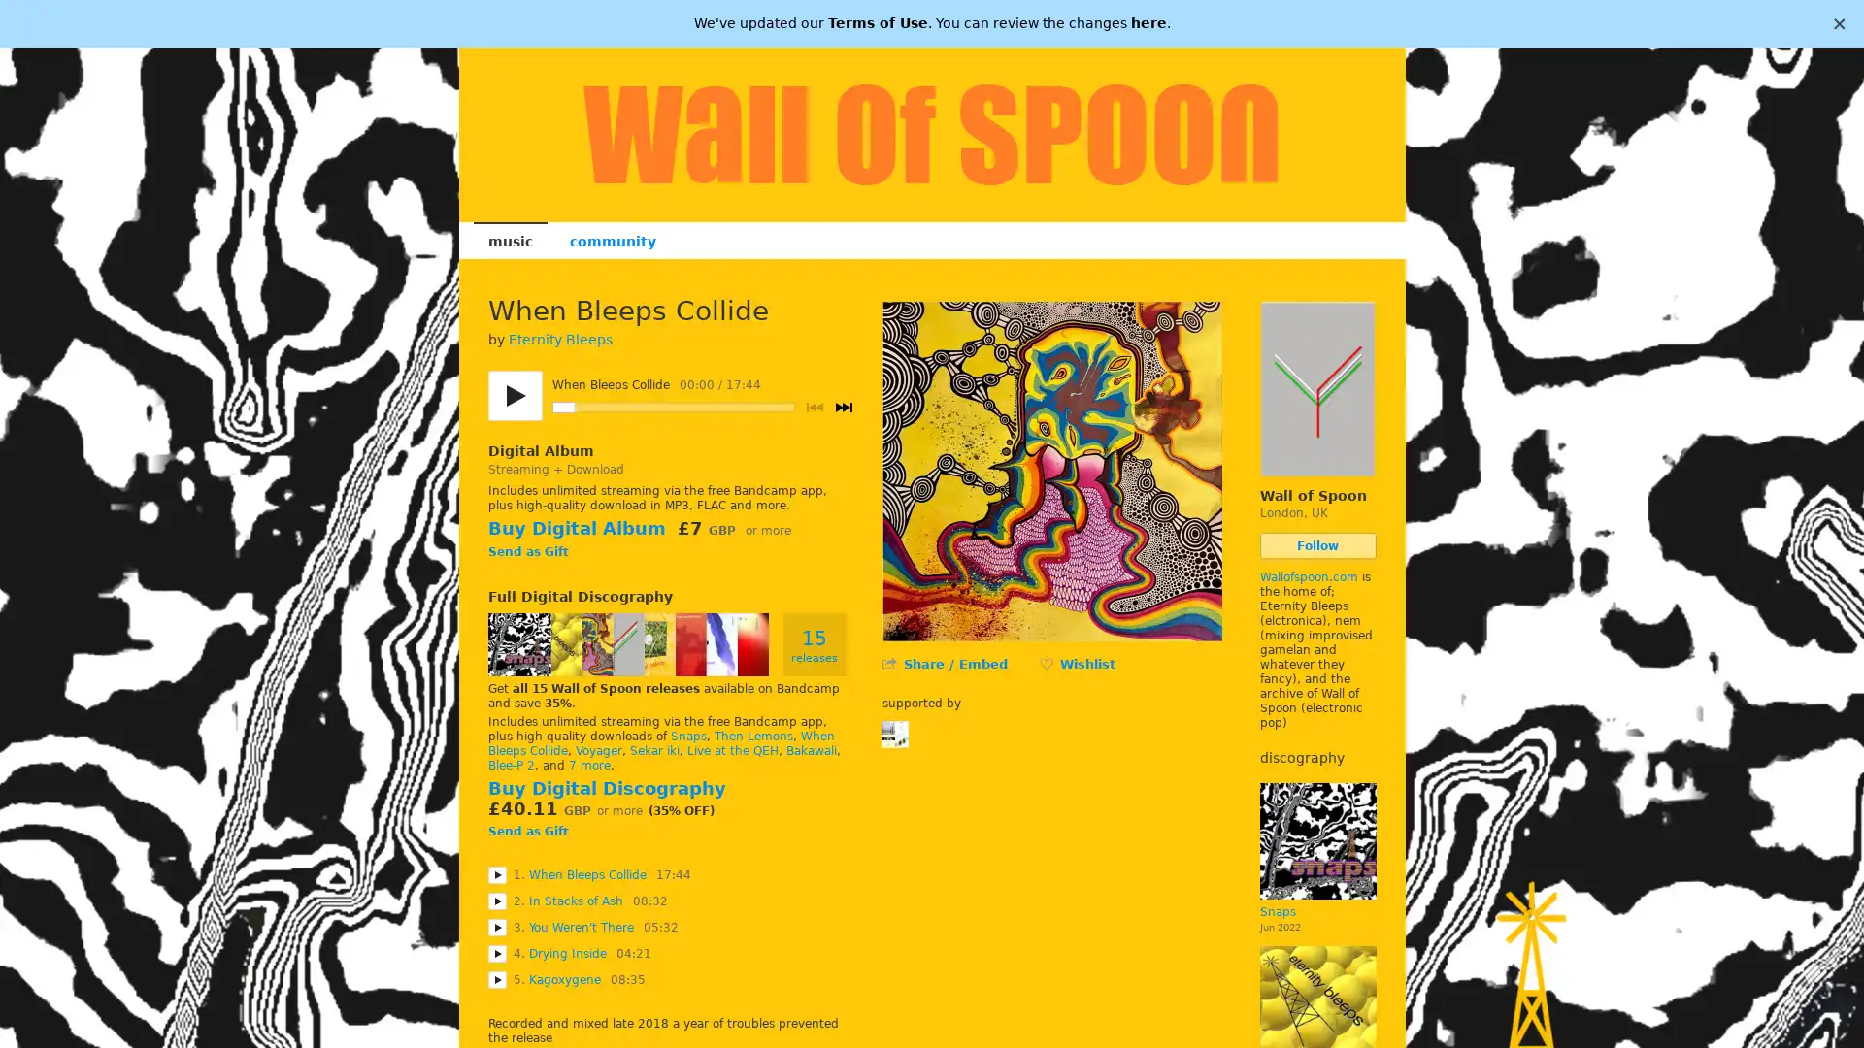 This screenshot has width=1864, height=1048. Describe the element at coordinates (496, 901) in the screenshot. I see `Play In Stacks of Ash` at that location.